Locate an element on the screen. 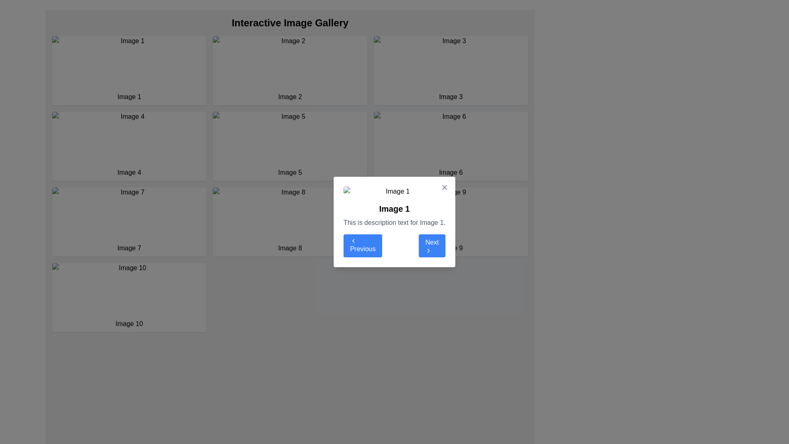 Image resolution: width=789 pixels, height=444 pixels. text label located inside the white rectangular box, positioned below the thumbnail image labeled 'Image 3' in the top-right of the grid is located at coordinates (450, 96).